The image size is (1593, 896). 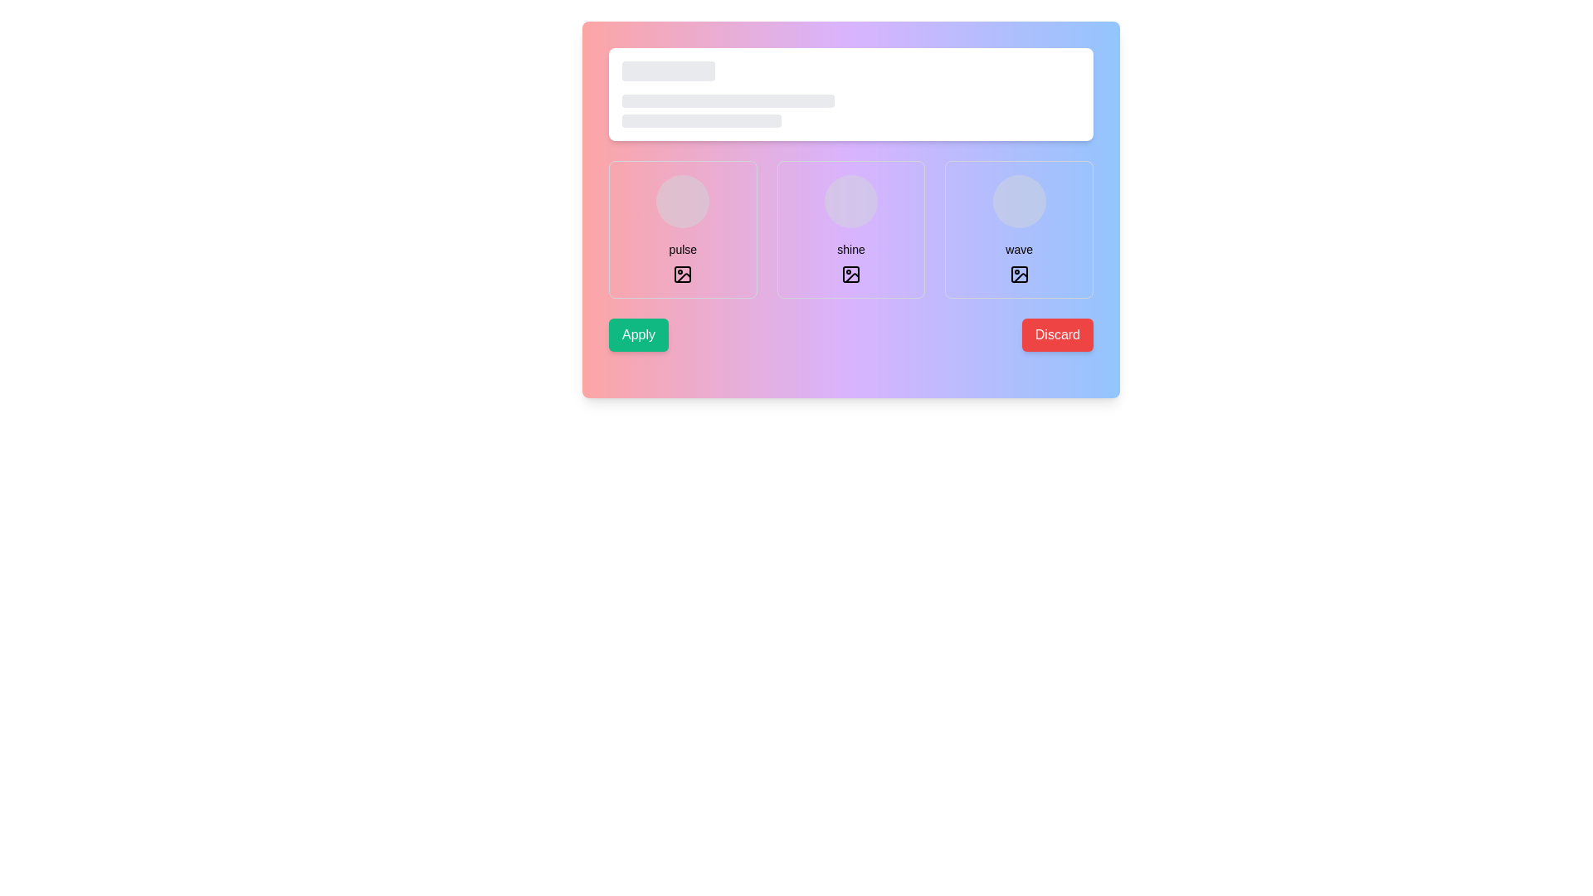 What do you see at coordinates (851, 95) in the screenshot?
I see `the Skeleton loading placeholder located at the top-central portion of the interface, which serves as a visual placeholder for loading content` at bounding box center [851, 95].